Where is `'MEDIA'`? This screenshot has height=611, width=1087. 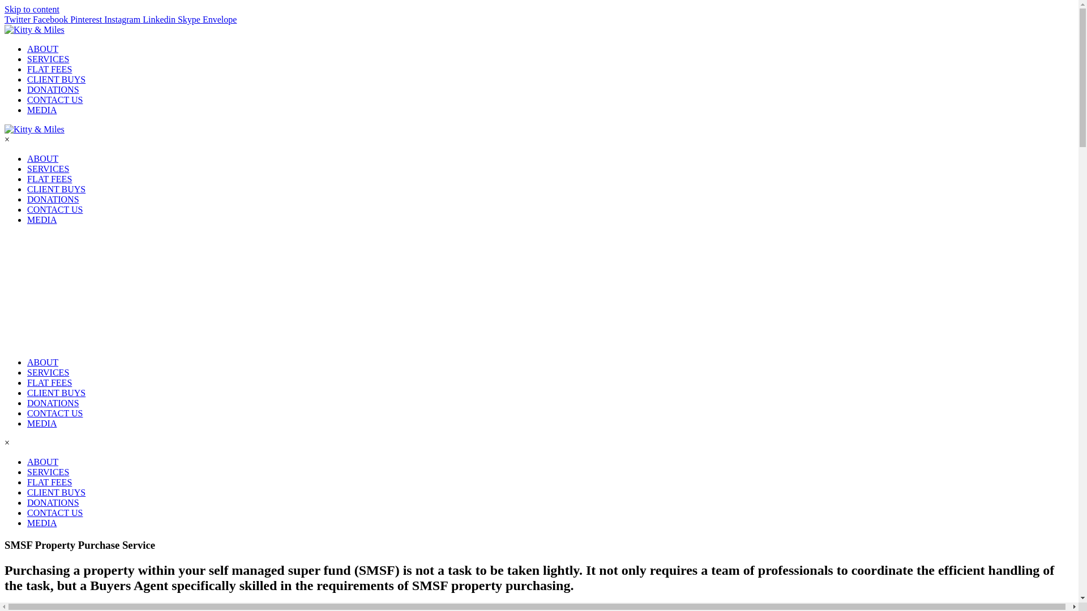 'MEDIA' is located at coordinates (831, 52).